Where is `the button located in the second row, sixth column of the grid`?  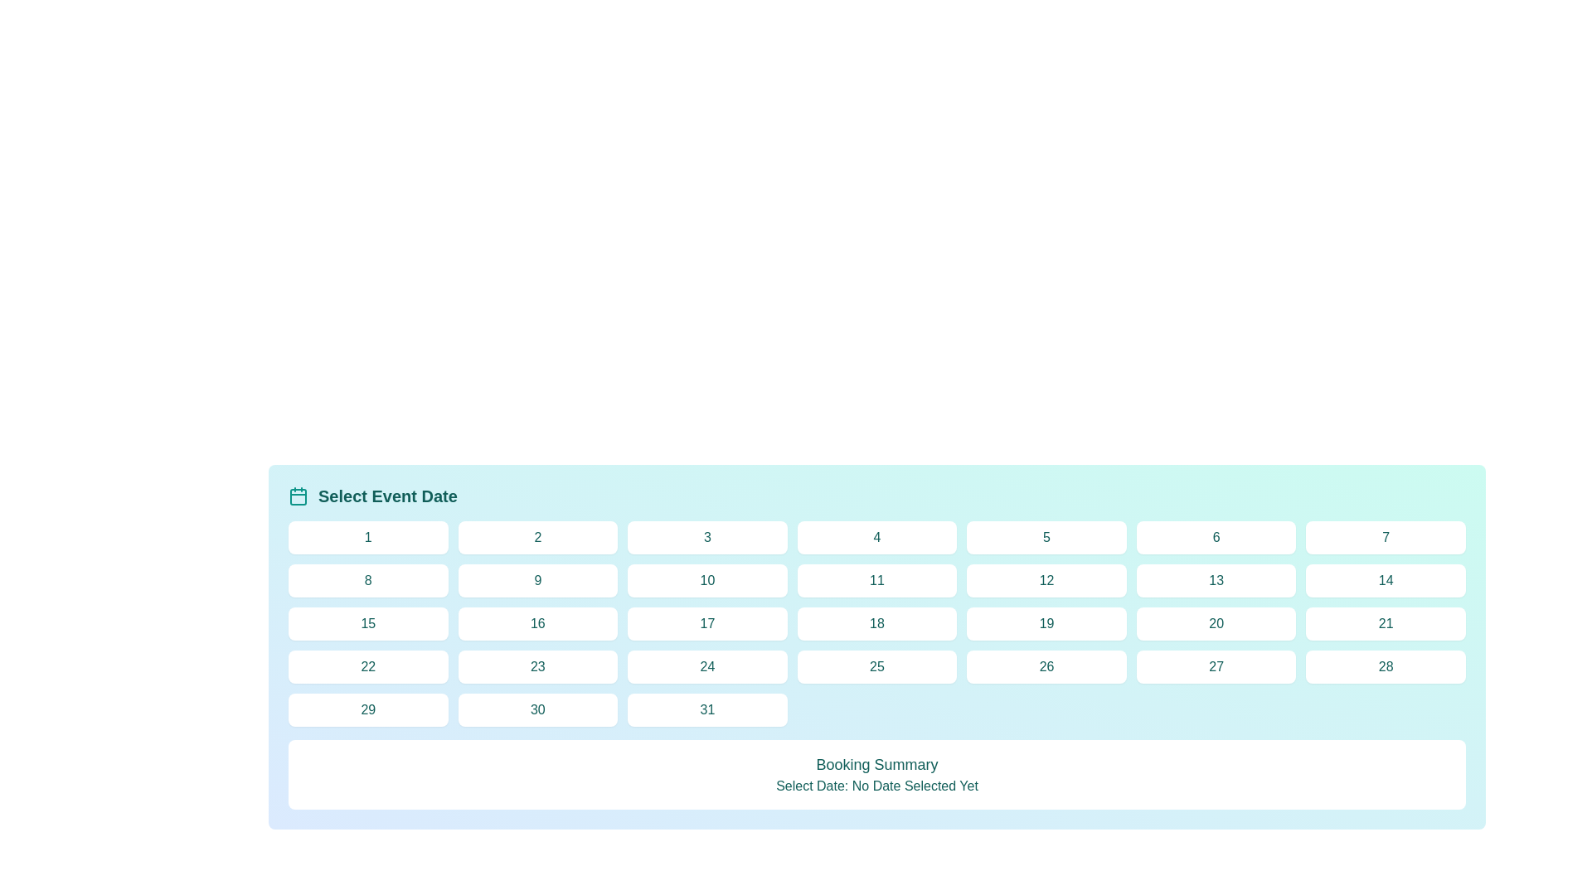 the button located in the second row, sixth column of the grid is located at coordinates (1046, 580).